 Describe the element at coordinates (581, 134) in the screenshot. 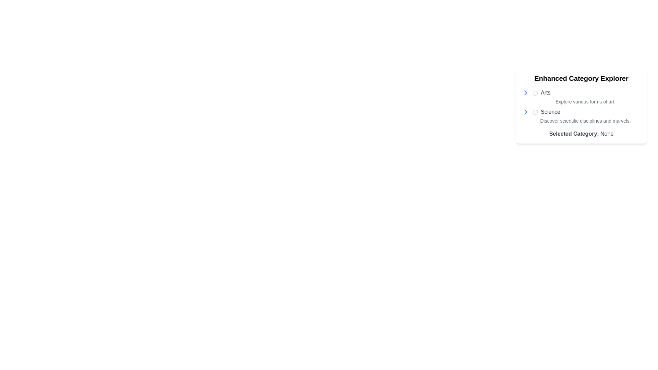

I see `the static text label displaying 'None', which indicates that no category has been selected yet, located at the bottom of the 'Enhanced Category Explorer' information card` at that location.